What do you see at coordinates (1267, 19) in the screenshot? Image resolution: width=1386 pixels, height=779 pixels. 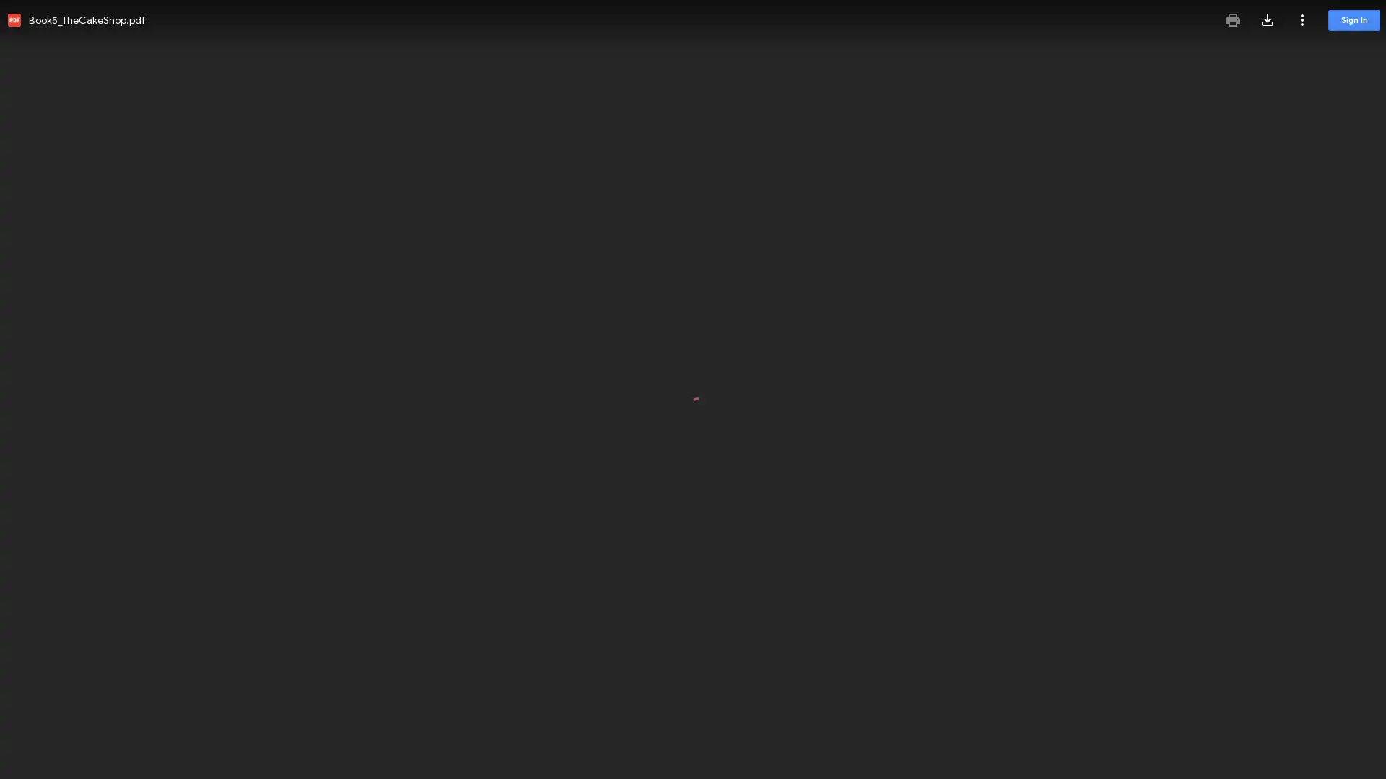 I see `Download` at bounding box center [1267, 19].